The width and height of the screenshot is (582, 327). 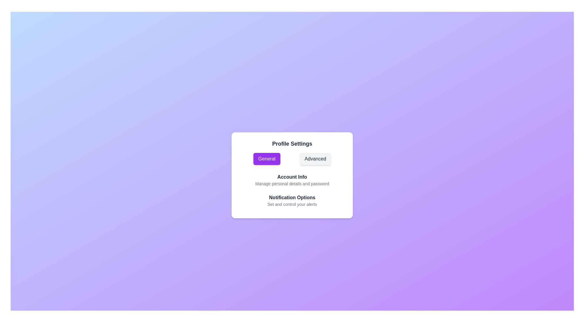 What do you see at coordinates (315, 158) in the screenshot?
I see `the Advanced Button to observe the hover effect` at bounding box center [315, 158].